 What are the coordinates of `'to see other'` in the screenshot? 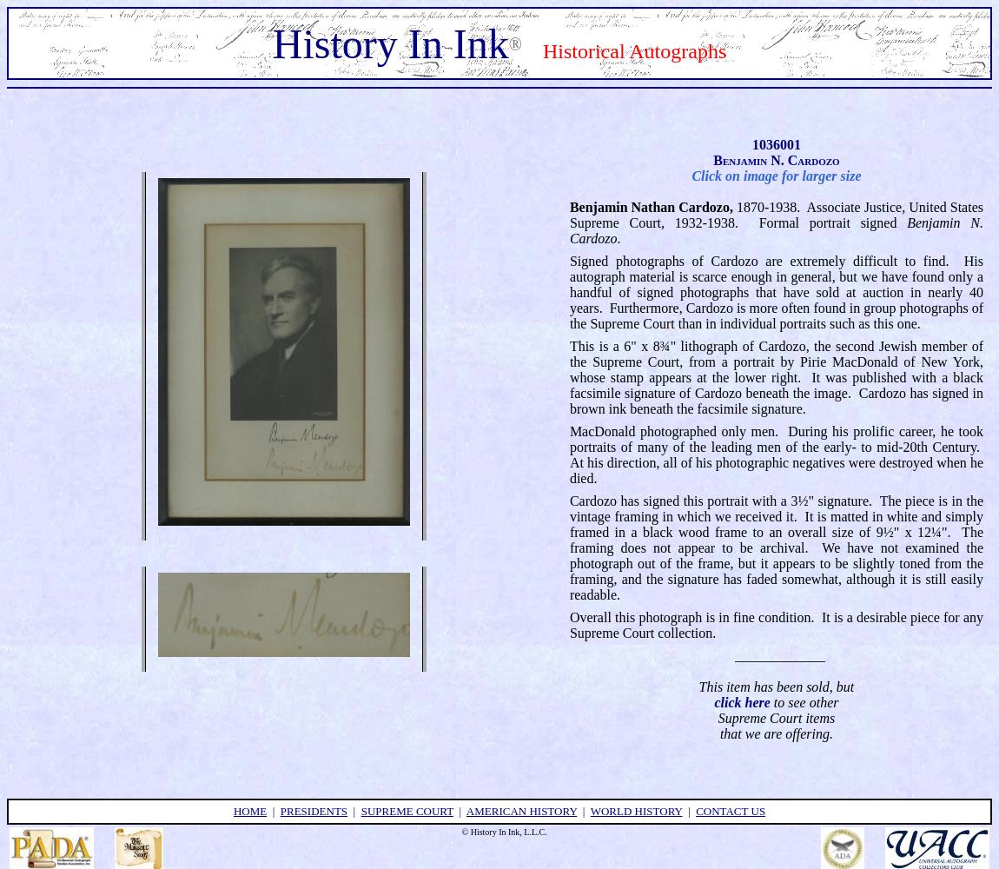 It's located at (804, 701).